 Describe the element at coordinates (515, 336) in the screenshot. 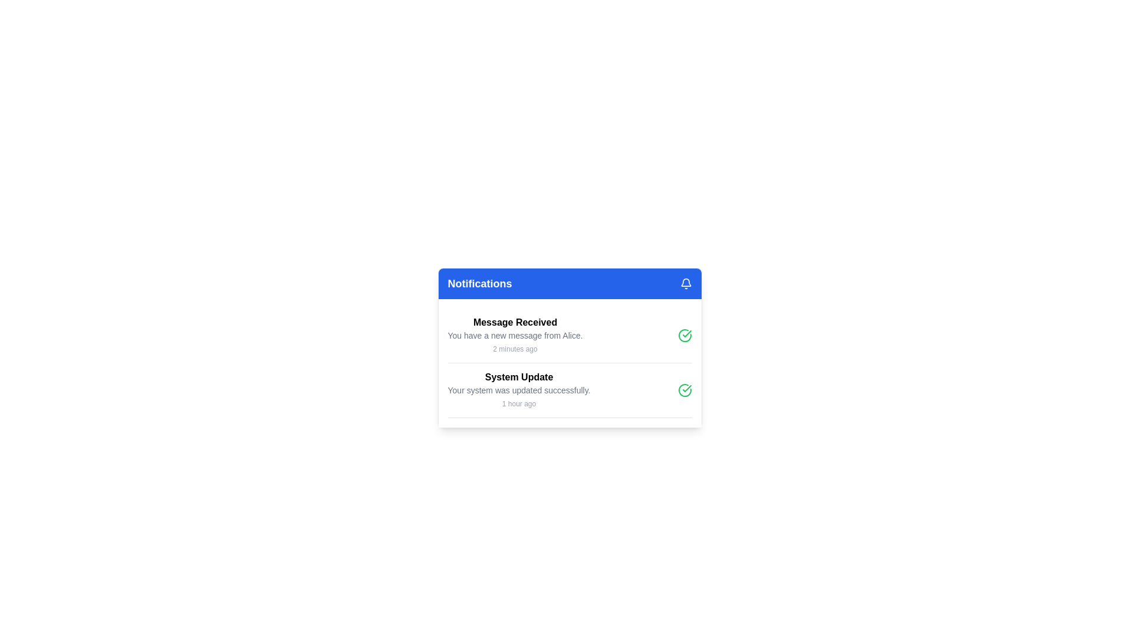

I see `the first notification in the notification panel that informs the user about receiving a new message from Alice` at that location.